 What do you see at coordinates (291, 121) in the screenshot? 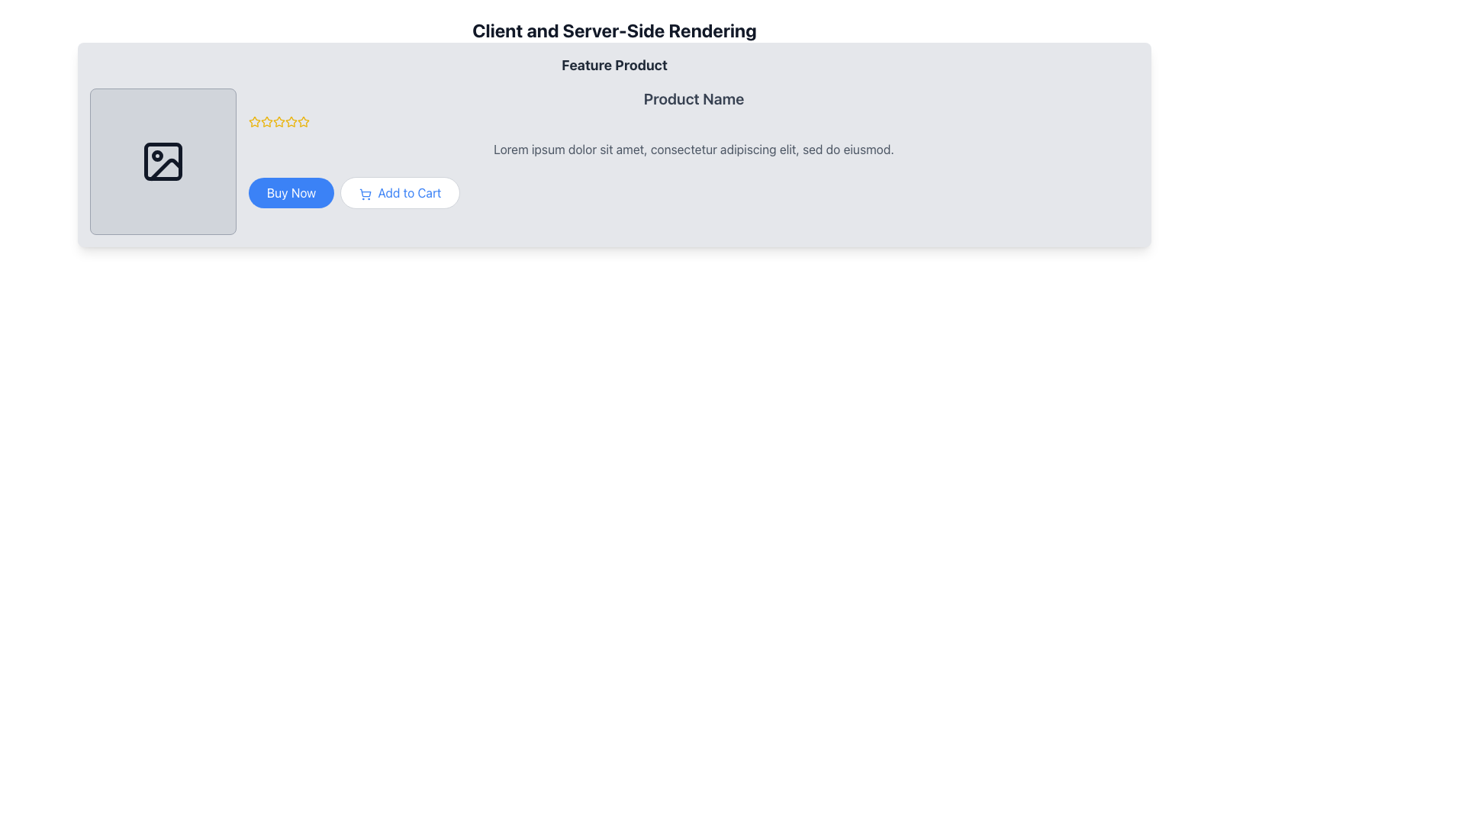
I see `the third star-shaped icon in a horizontal sequence of five stars, which is outlined and filled with golden-yellow, representing a rating mechanism` at bounding box center [291, 121].